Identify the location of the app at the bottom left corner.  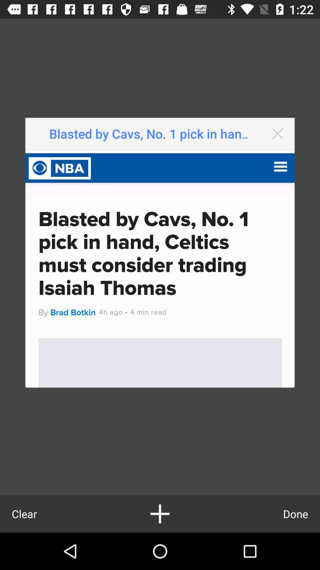
(24, 514).